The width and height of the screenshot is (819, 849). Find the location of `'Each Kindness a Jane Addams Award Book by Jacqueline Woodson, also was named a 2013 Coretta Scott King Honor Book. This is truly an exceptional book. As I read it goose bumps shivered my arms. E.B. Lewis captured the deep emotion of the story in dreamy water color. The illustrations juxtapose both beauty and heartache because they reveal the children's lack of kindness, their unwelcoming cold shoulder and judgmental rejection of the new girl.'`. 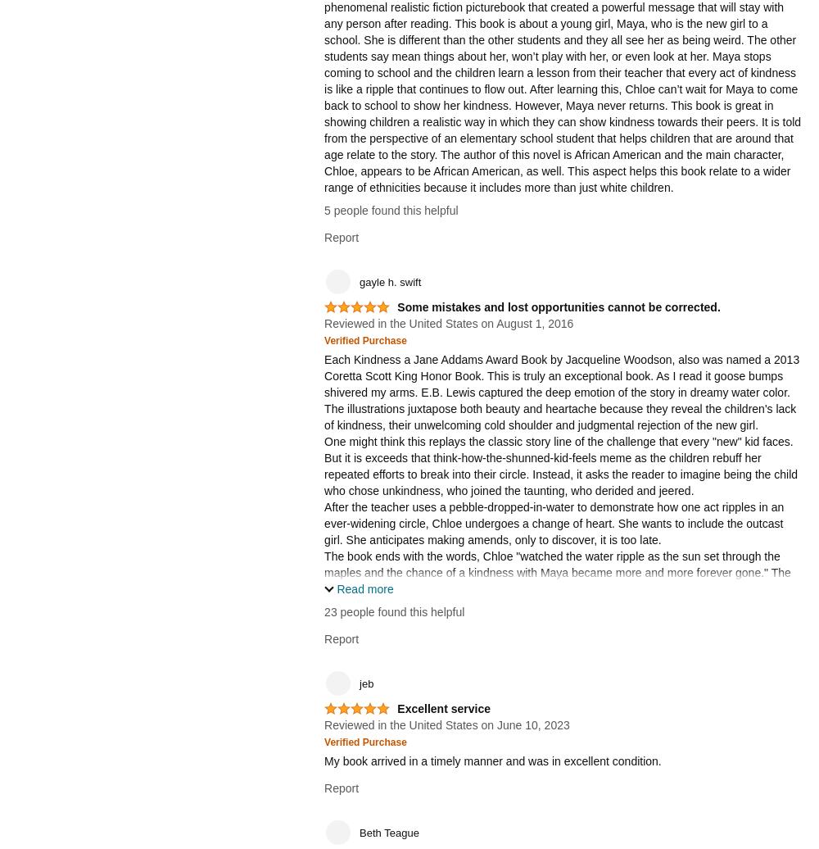

'Each Kindness a Jane Addams Award Book by Jacqueline Woodson, also was named a 2013 Coretta Scott King Honor Book. This is truly an exceptional book. As I read it goose bumps shivered my arms. E.B. Lewis captured the deep emotion of the story in dreamy water color. The illustrations juxtapose both beauty and heartache because they reveal the children's lack of kindness, their unwelcoming cold shoulder and judgmental rejection of the new girl.' is located at coordinates (562, 393).